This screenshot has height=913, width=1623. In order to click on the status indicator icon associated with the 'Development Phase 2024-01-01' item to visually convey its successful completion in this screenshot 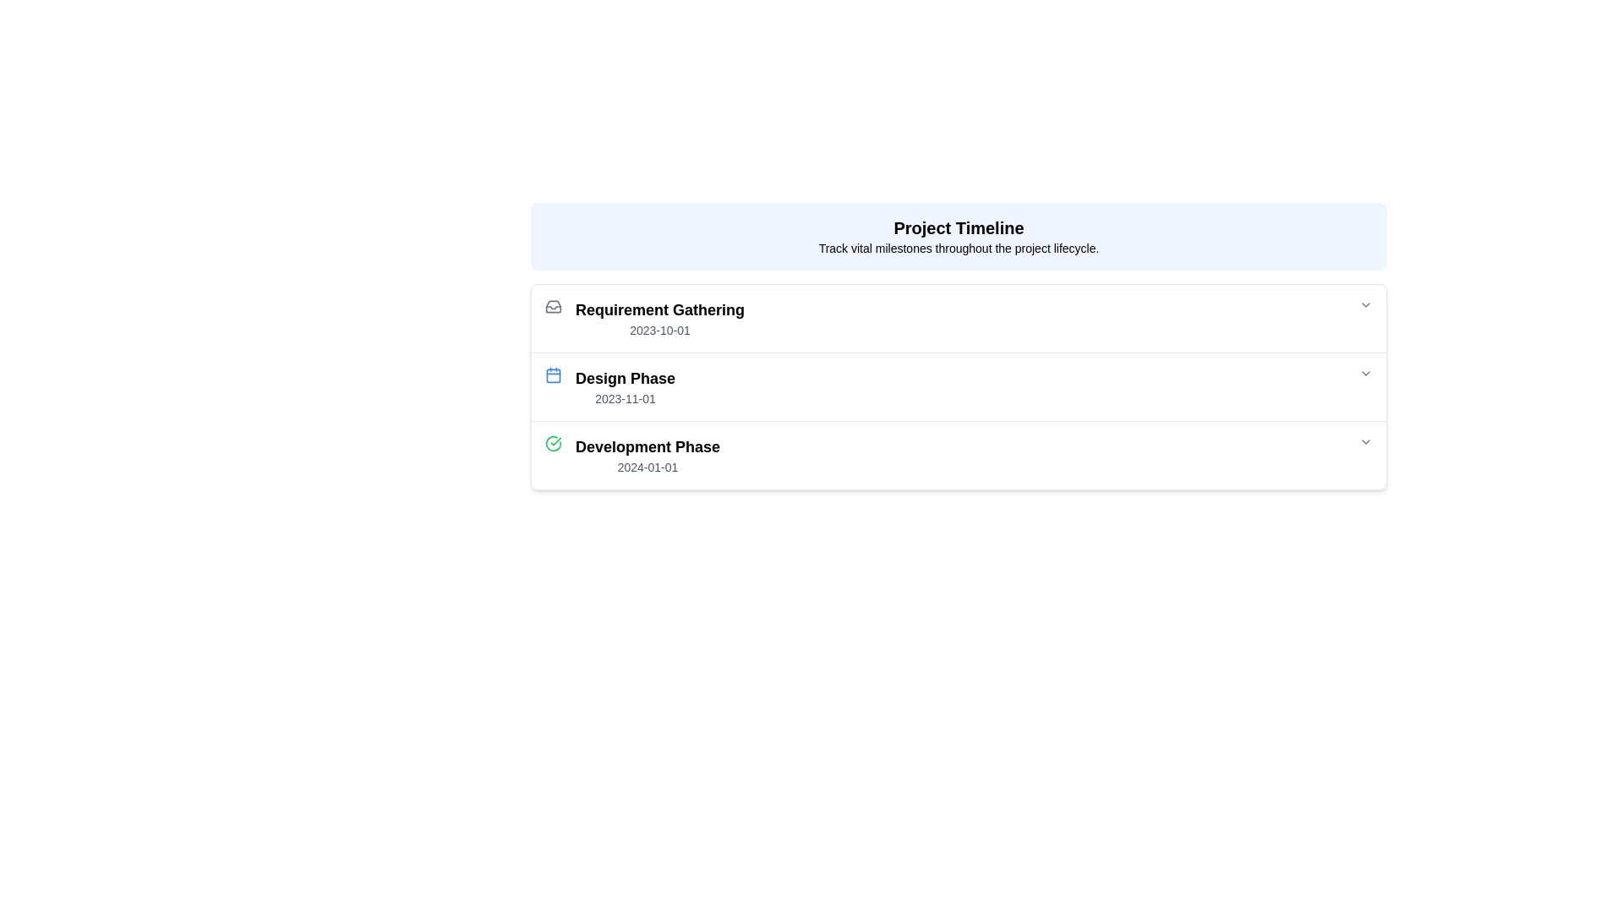, I will do `click(553, 455)`.